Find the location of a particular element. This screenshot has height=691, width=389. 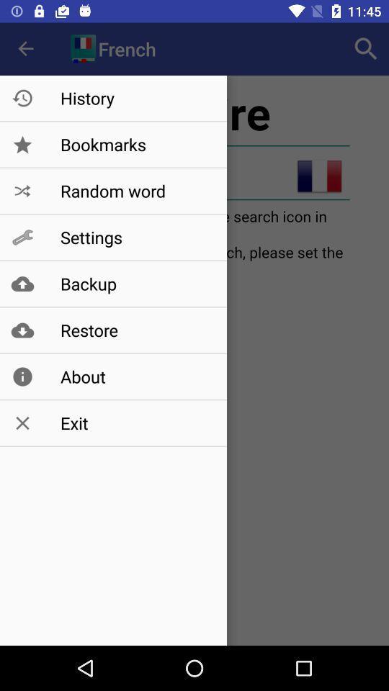

exit is located at coordinates (136, 423).